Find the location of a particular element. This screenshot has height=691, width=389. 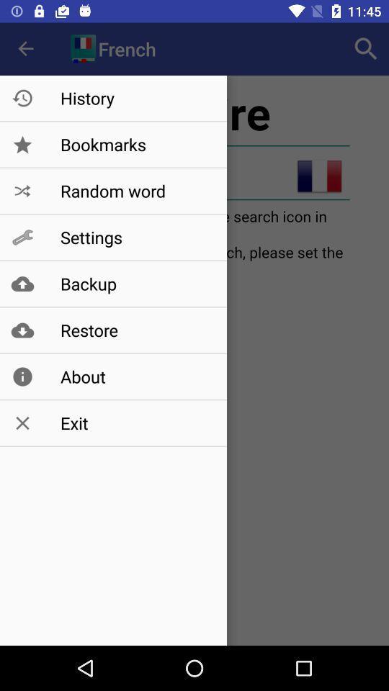

exit is located at coordinates (136, 423).